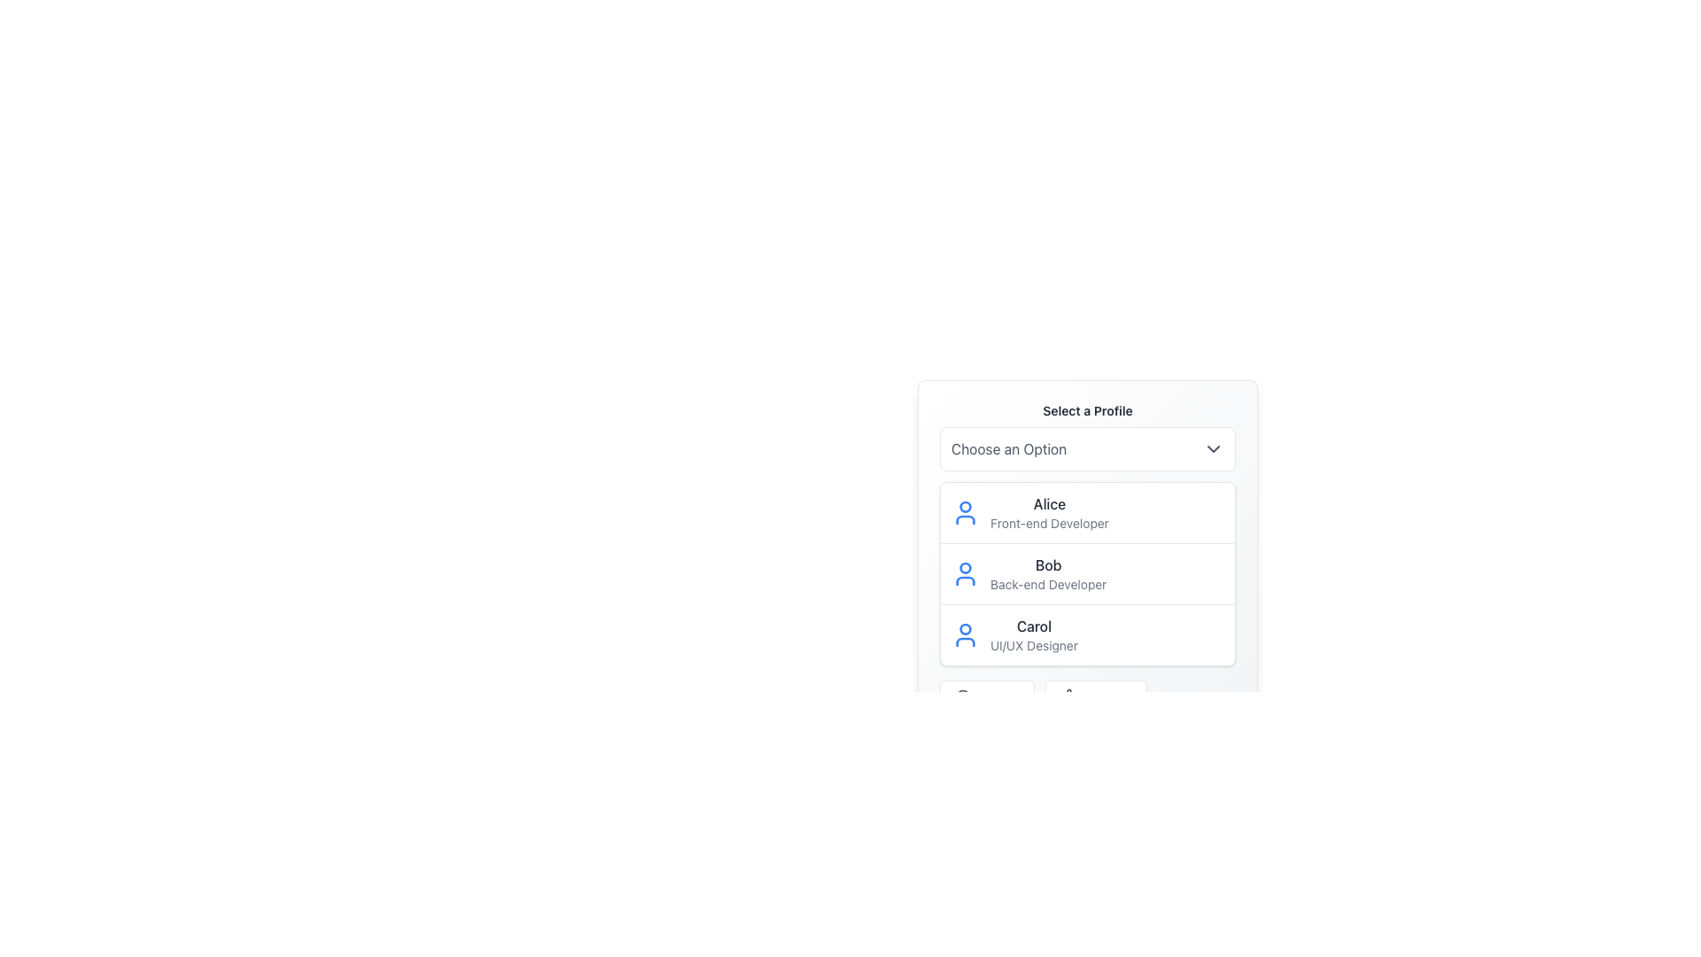 The image size is (1701, 957). I want to click on text label displaying 'Back-end Developer' located below the name 'Bob' in the second profile entry of the profile selection list, so click(1048, 584).